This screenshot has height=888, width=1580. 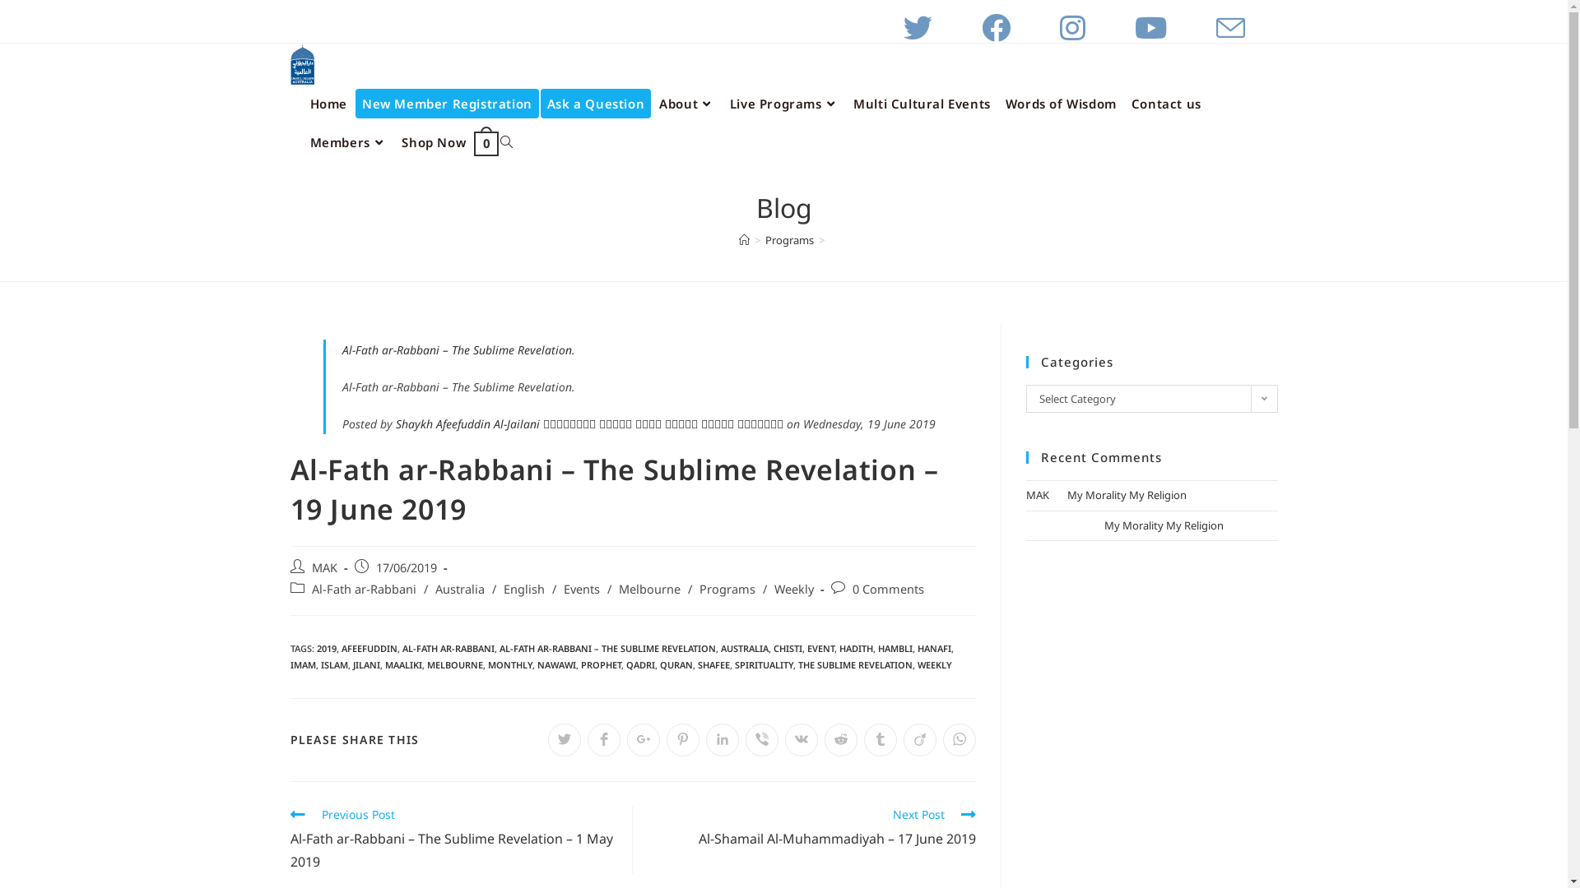 What do you see at coordinates (915, 647) in the screenshot?
I see `'HANAFI'` at bounding box center [915, 647].